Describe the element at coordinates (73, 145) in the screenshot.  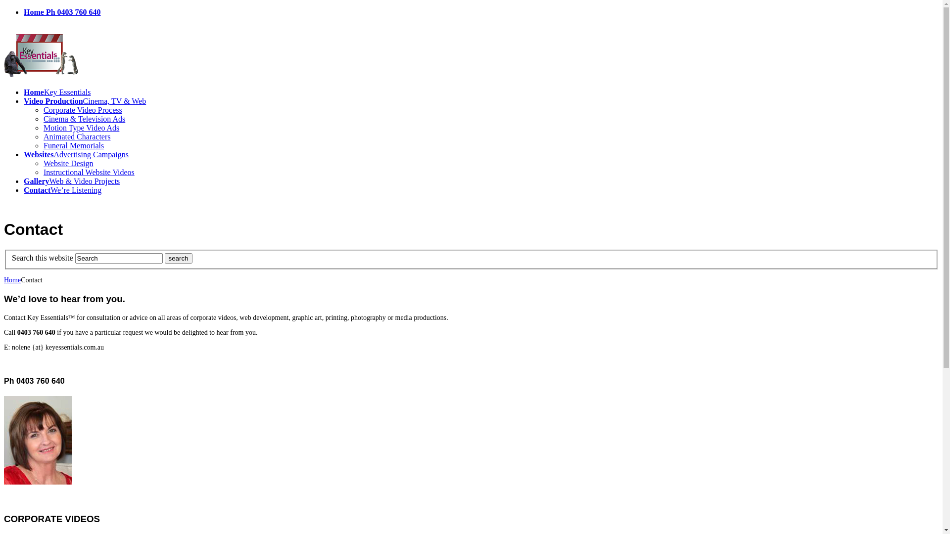
I see `'Funeral Memorials'` at that location.